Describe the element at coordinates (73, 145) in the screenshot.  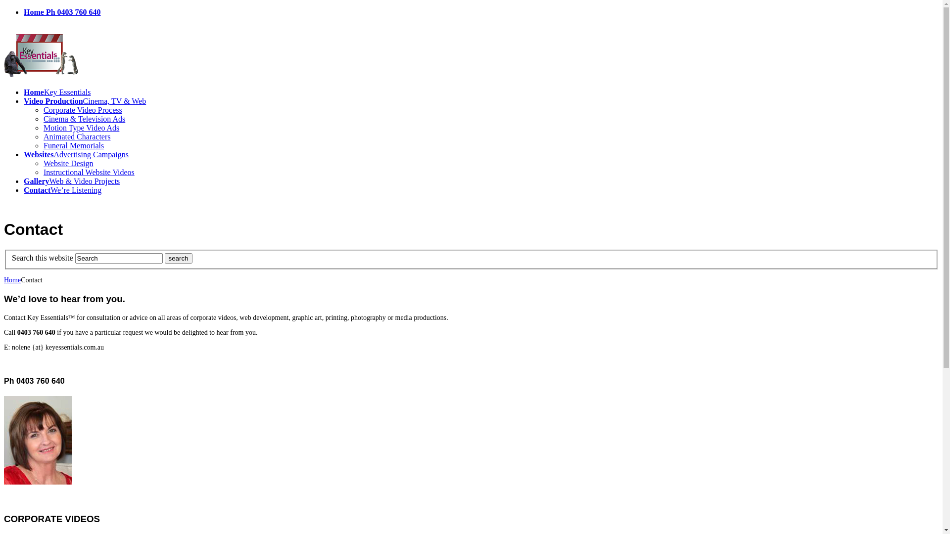
I see `'Funeral Memorials'` at that location.